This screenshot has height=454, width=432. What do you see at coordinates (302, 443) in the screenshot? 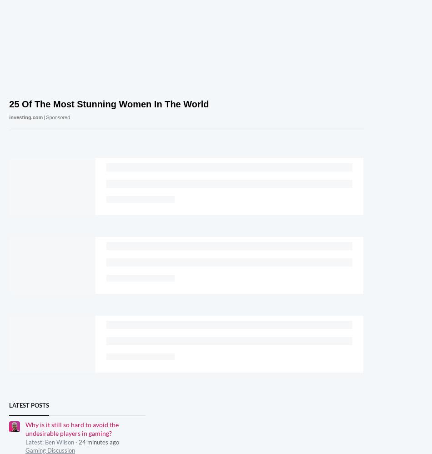
I see `'Terms & Conditions'` at bounding box center [302, 443].